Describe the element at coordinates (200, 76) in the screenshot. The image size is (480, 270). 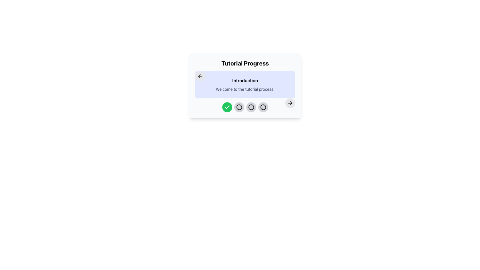
I see `the navigation button located in the upper-left corner of the main card interface, positioned to the left of the text 'Introduction'` at that location.